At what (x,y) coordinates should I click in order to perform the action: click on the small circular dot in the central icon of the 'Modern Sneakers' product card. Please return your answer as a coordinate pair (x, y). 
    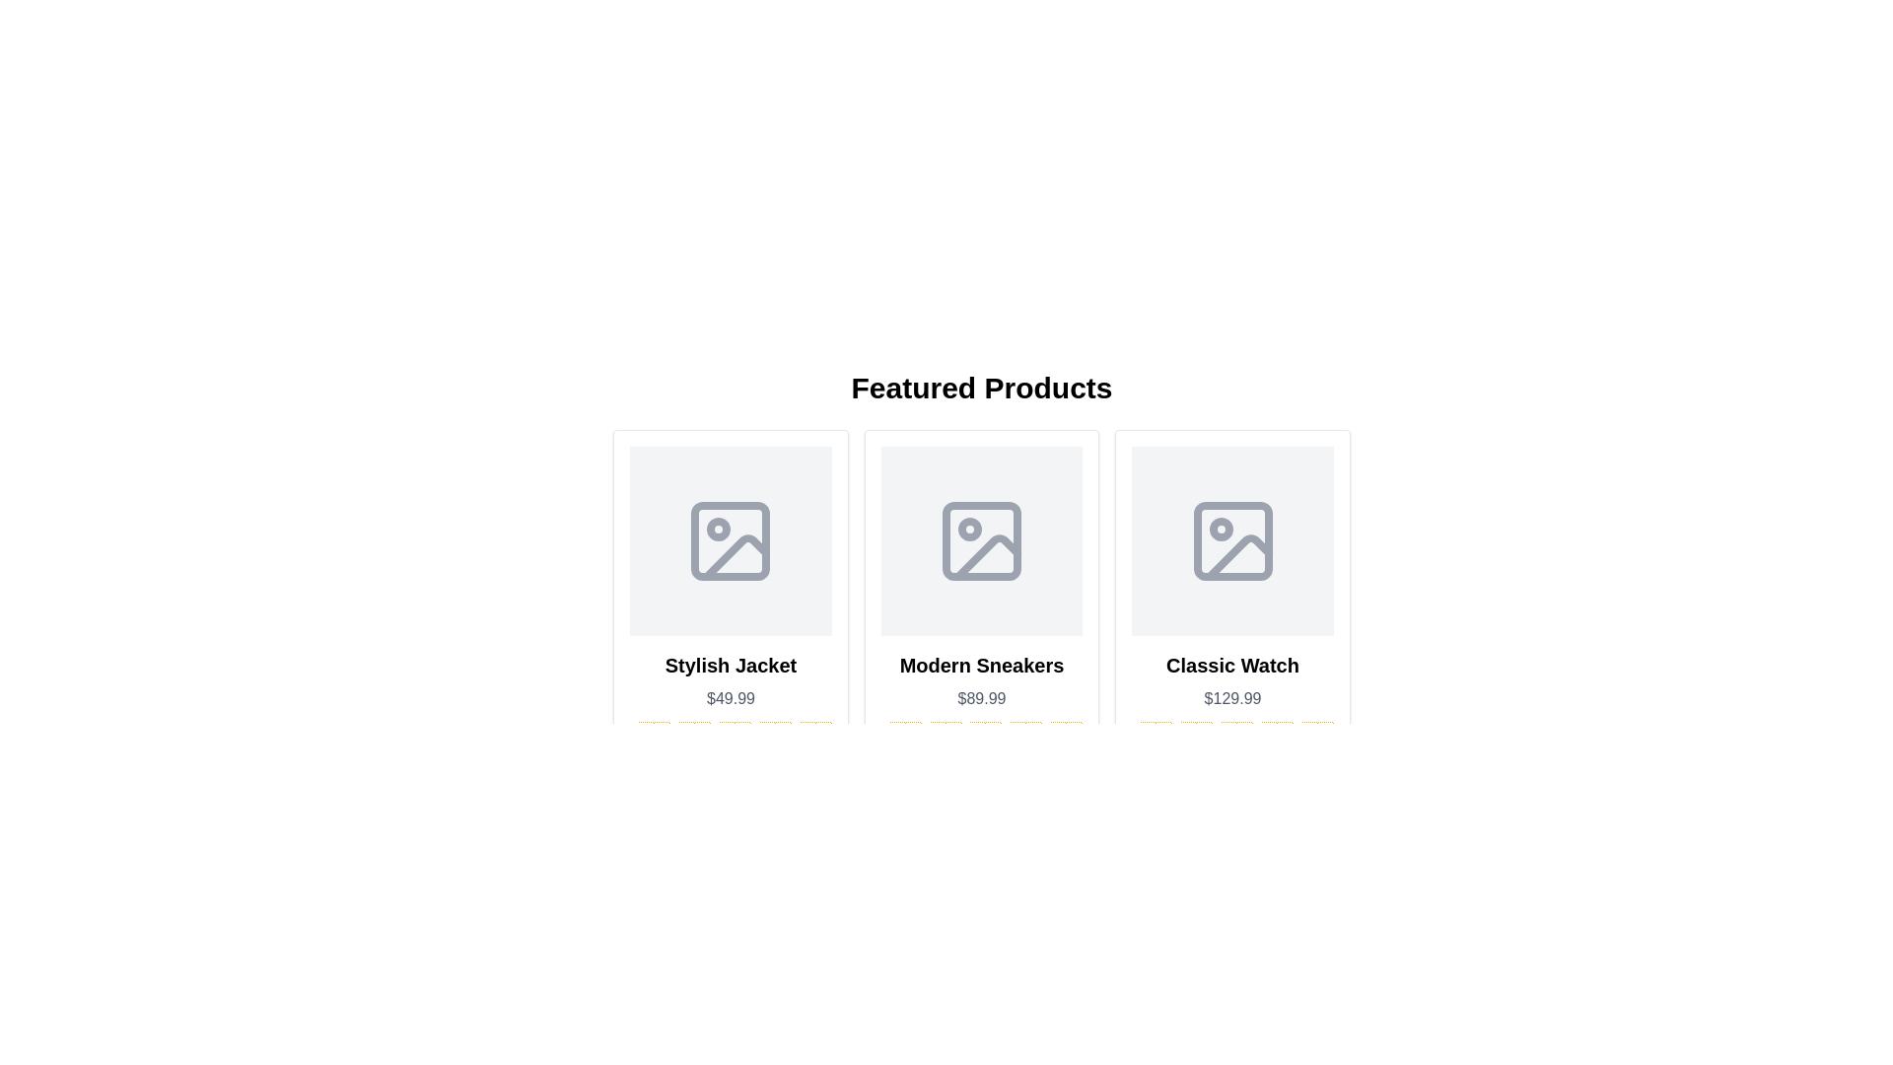
    Looking at the image, I should click on (969, 528).